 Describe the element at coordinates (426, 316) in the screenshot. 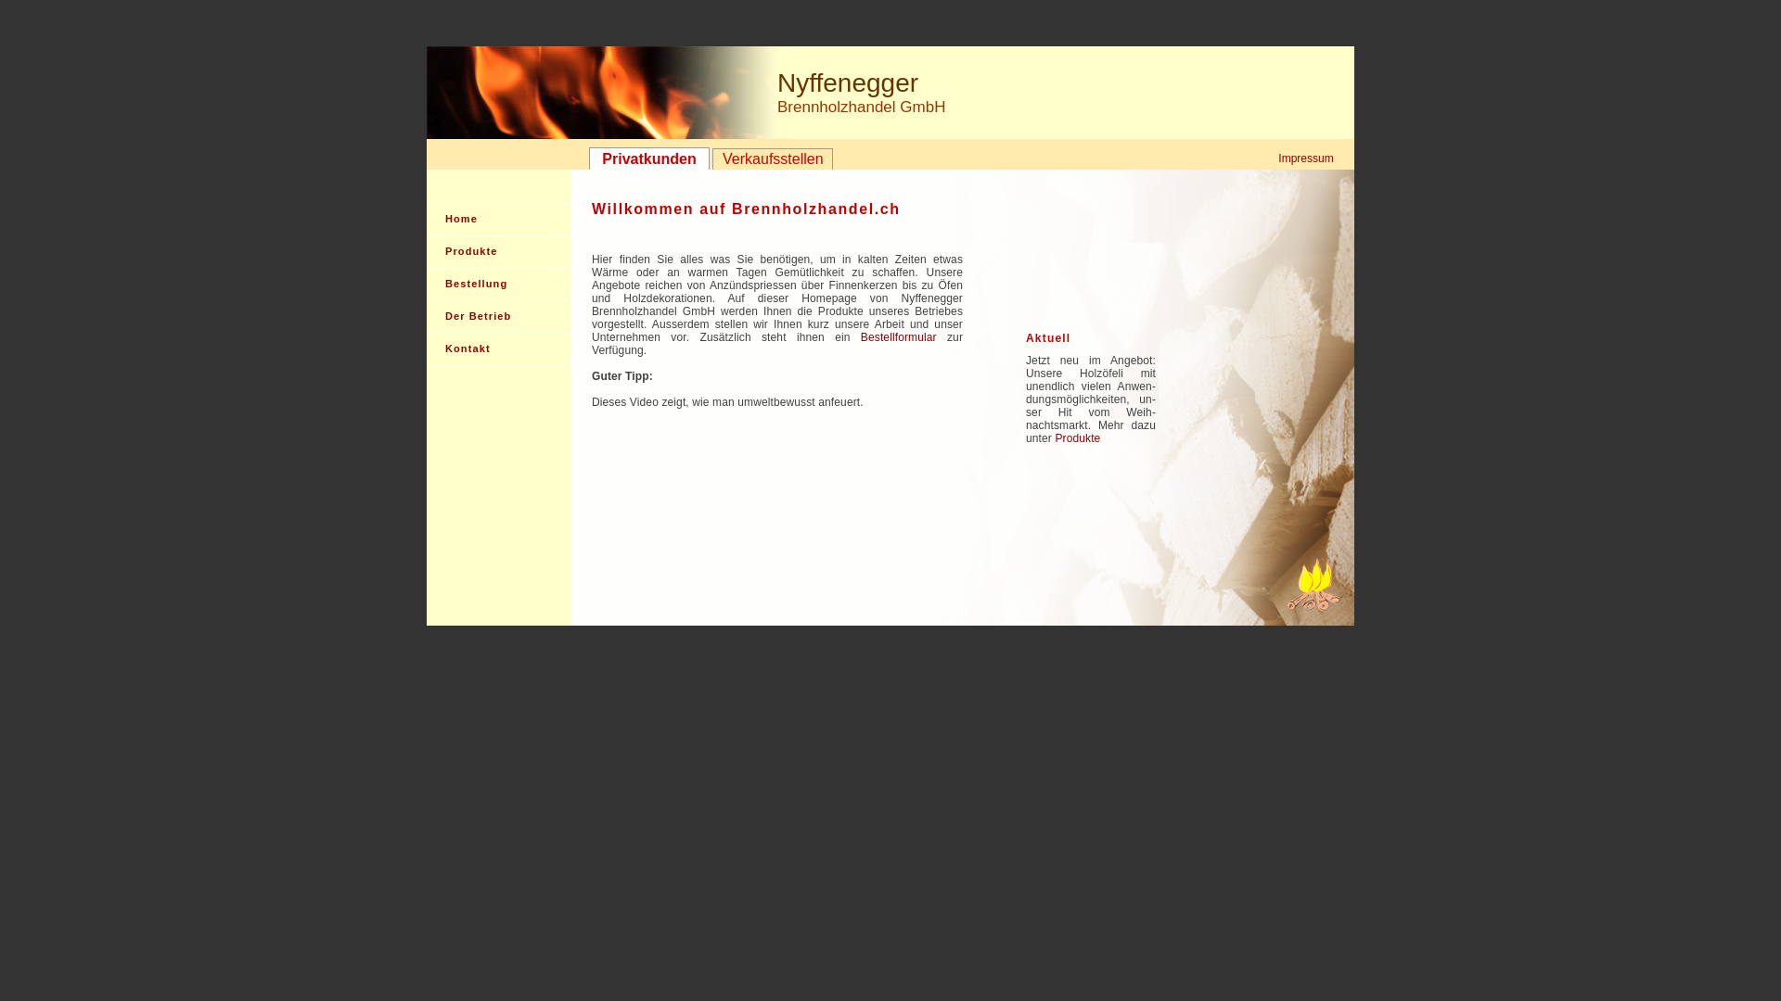

I see `'Der Betrieb'` at that location.